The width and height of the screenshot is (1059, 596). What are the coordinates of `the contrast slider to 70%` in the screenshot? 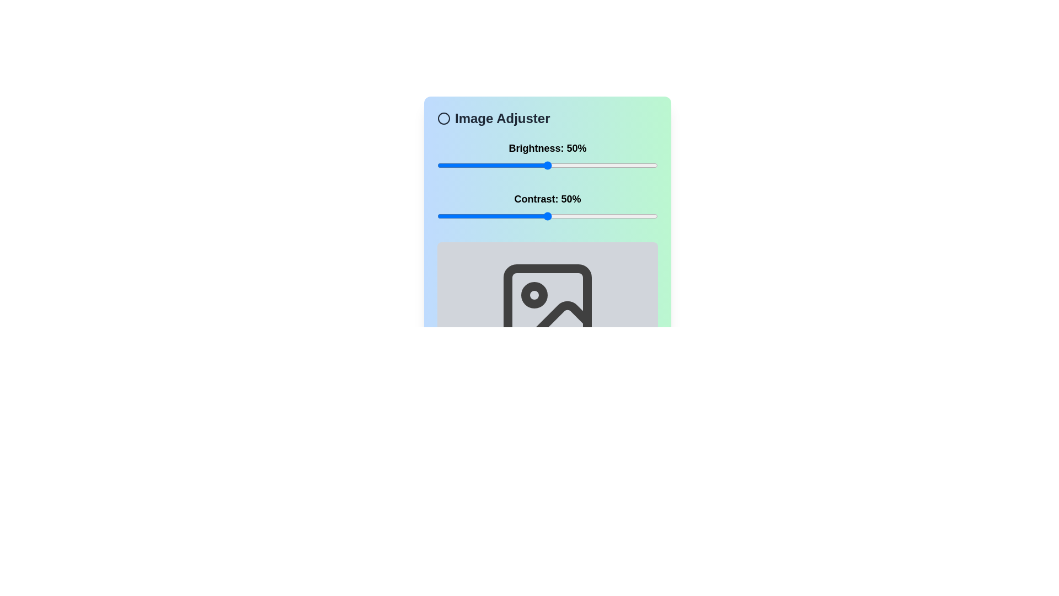 It's located at (591, 216).